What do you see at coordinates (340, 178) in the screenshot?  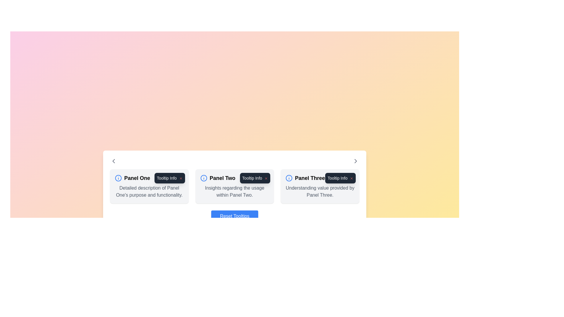 I see `the close icon in the tooltip-like information box located at the top-right of 'Panel Three'` at bounding box center [340, 178].